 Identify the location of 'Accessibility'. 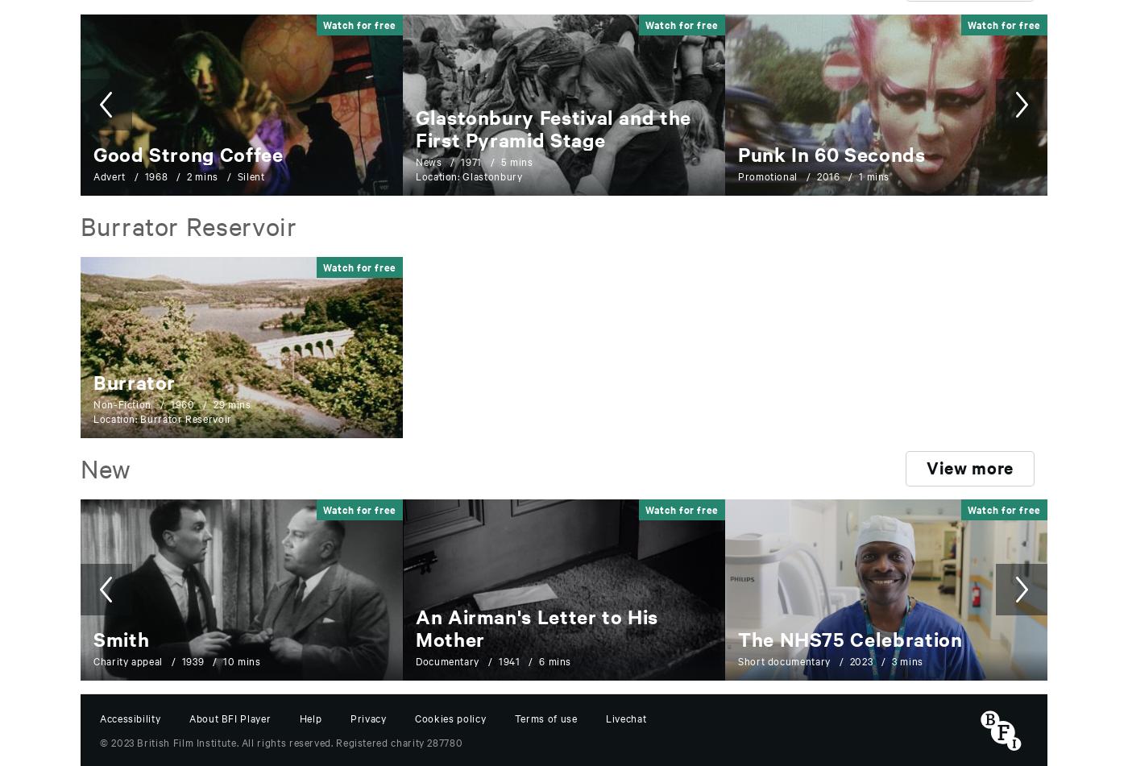
(99, 716).